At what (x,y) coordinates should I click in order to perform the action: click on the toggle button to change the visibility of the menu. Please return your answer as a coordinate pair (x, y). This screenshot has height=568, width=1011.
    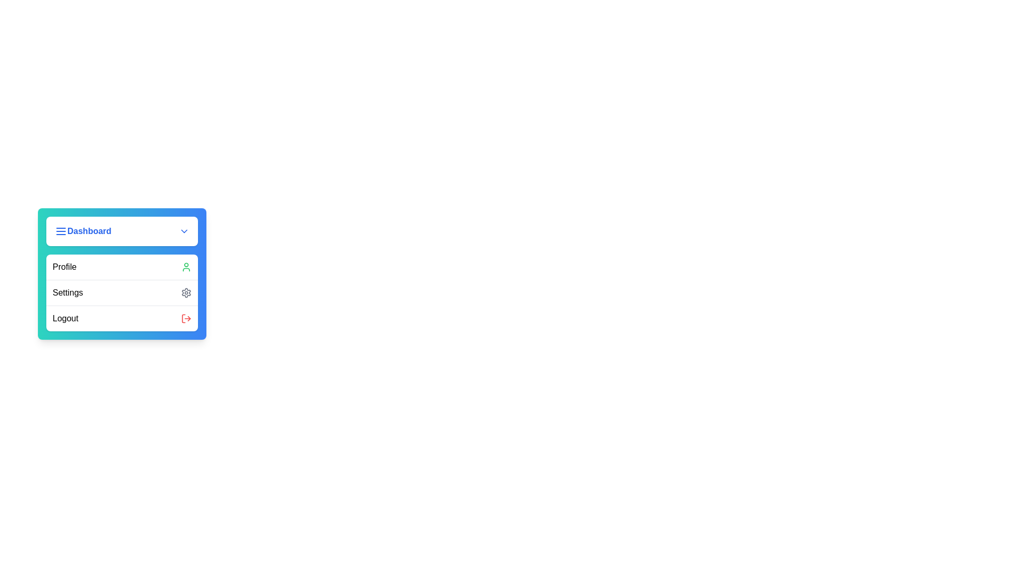
    Looking at the image, I should click on (122, 230).